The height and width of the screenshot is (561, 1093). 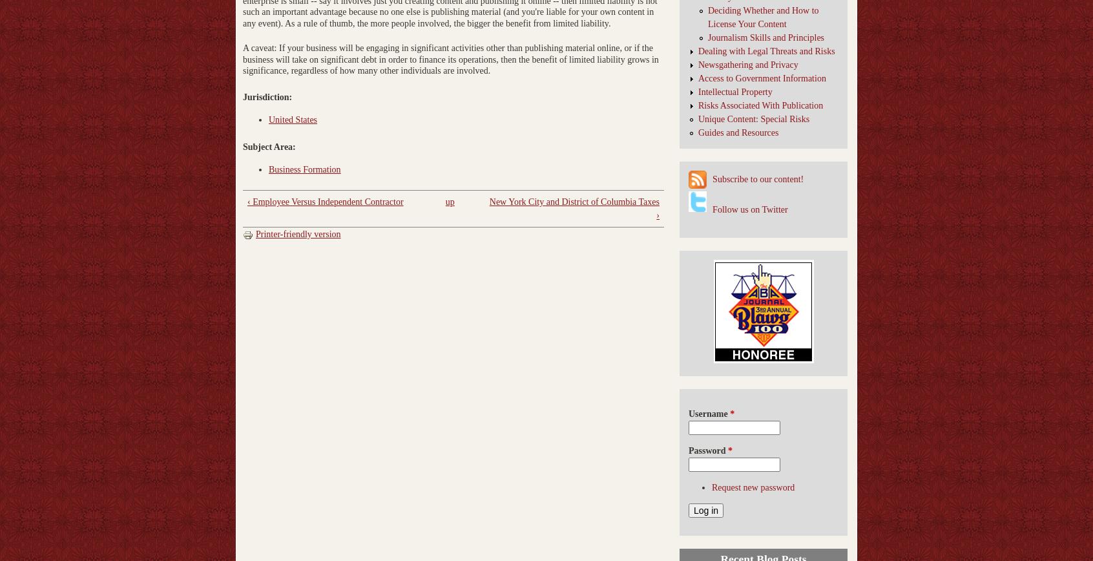 What do you see at coordinates (765, 36) in the screenshot?
I see `'Journalism Skills and Principles'` at bounding box center [765, 36].